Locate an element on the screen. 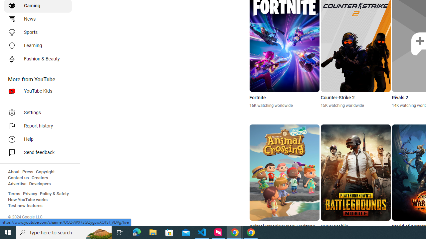  'Policy & Safety' is located at coordinates (54, 194).